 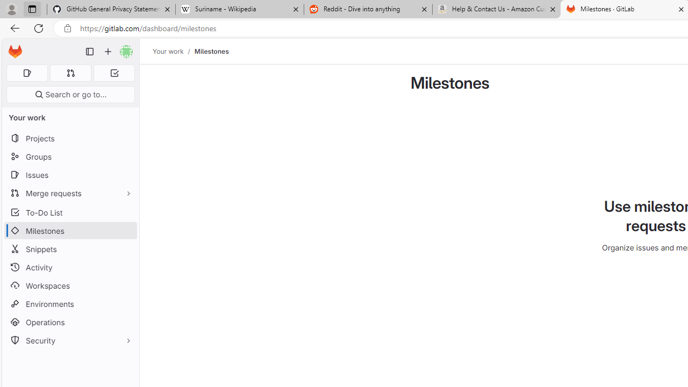 I want to click on 'Merge requests', so click(x=70, y=192).